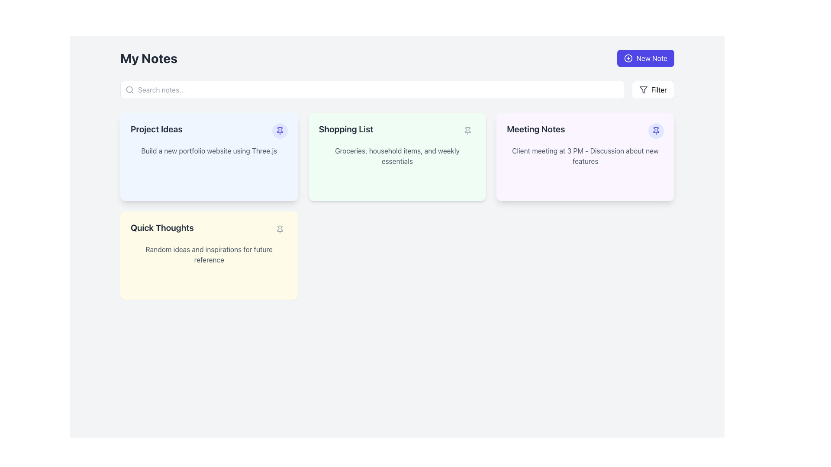  I want to click on the descriptive label in the 'Meeting Notes' card that details the meeting scheduled at 3 PM about new features, so click(585, 156).